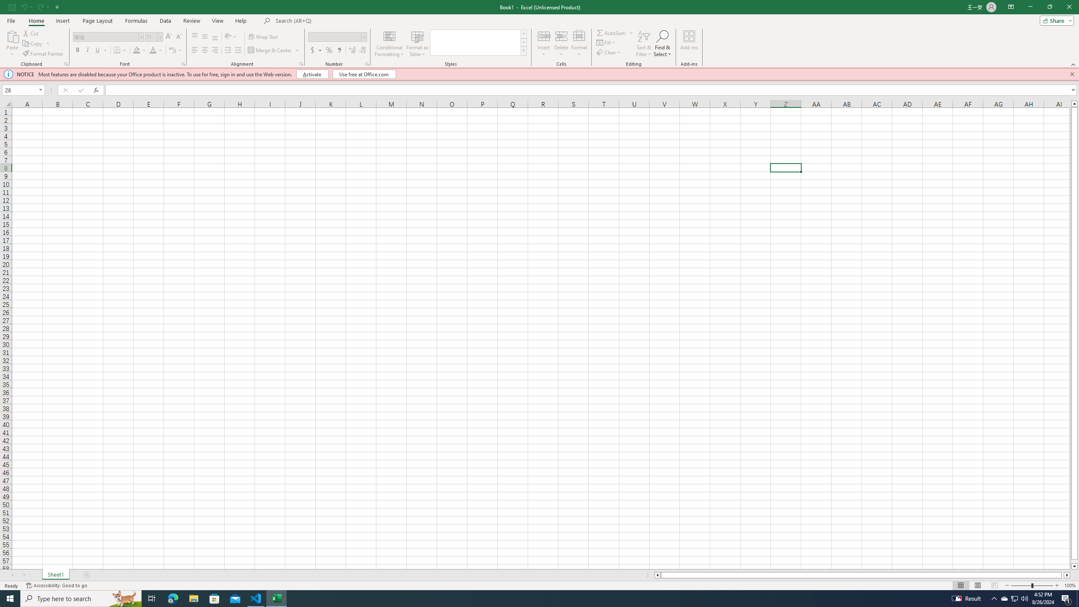 Image resolution: width=1079 pixels, height=607 pixels. Describe the element at coordinates (153, 50) in the screenshot. I see `'Font Color'` at that location.